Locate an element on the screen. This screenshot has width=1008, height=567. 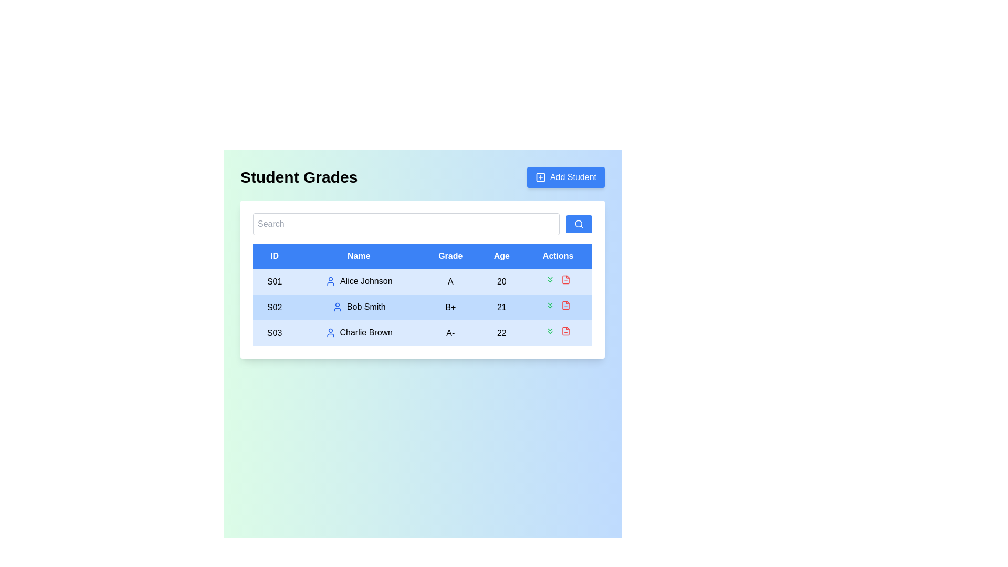
the user profile icon, which is a blue circular icon with a shoulder line, located in the 'Name' column of the table, next to 'Alice Johnson' is located at coordinates (330, 281).